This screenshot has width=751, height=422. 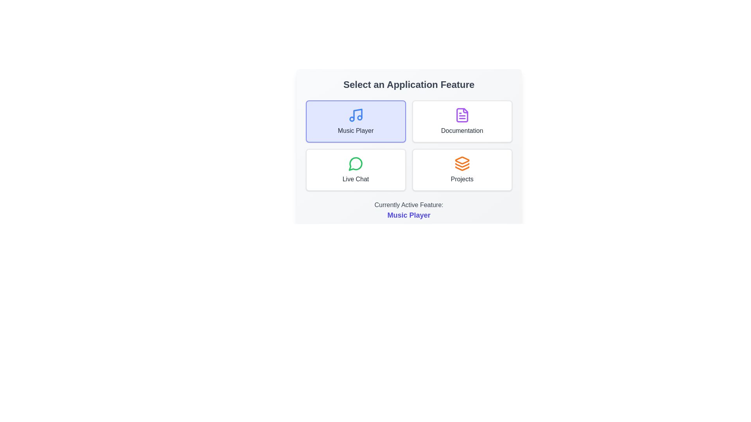 I want to click on the feature Documentation by clicking on its button, so click(x=462, y=122).